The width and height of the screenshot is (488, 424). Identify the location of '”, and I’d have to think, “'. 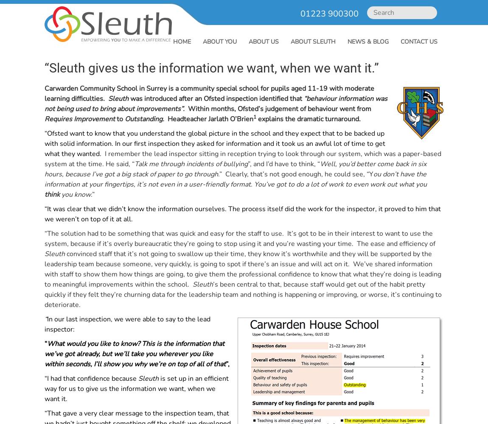
(247, 164).